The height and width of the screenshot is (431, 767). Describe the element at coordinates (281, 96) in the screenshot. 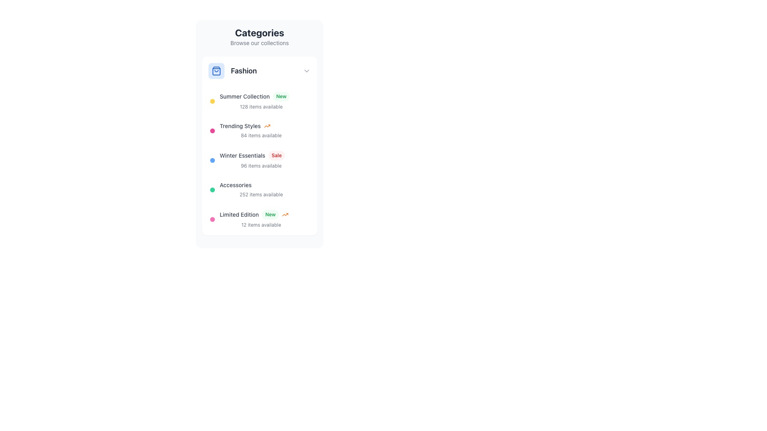

I see `the informative badge indicating the status of the 'Summer Collection' that is positioned to the right of the 'Summer Collection' text label` at that location.